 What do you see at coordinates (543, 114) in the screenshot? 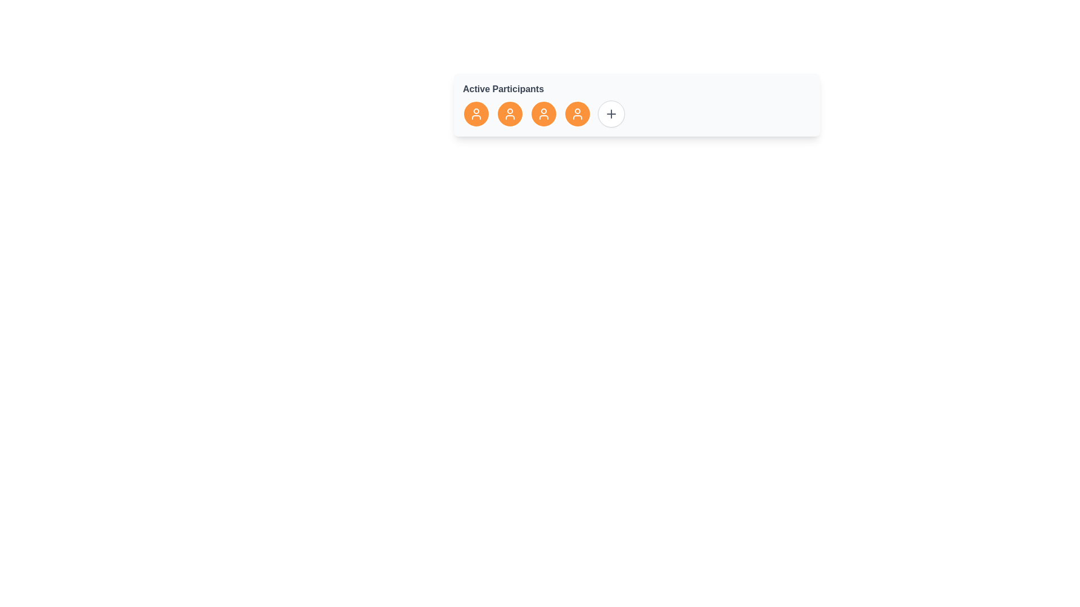
I see `the third orange user button in the 'Active Participants' section` at bounding box center [543, 114].